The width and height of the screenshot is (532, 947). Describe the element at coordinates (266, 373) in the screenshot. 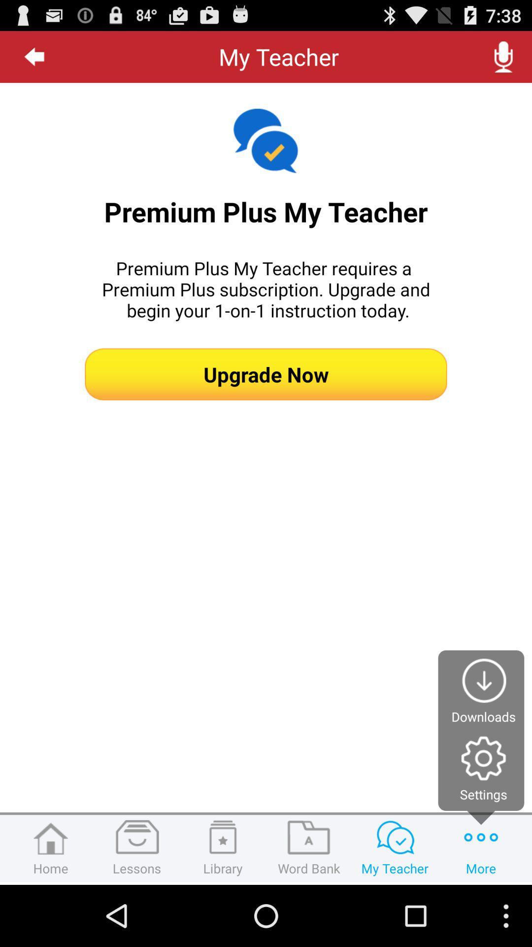

I see `upgrade now icon` at that location.